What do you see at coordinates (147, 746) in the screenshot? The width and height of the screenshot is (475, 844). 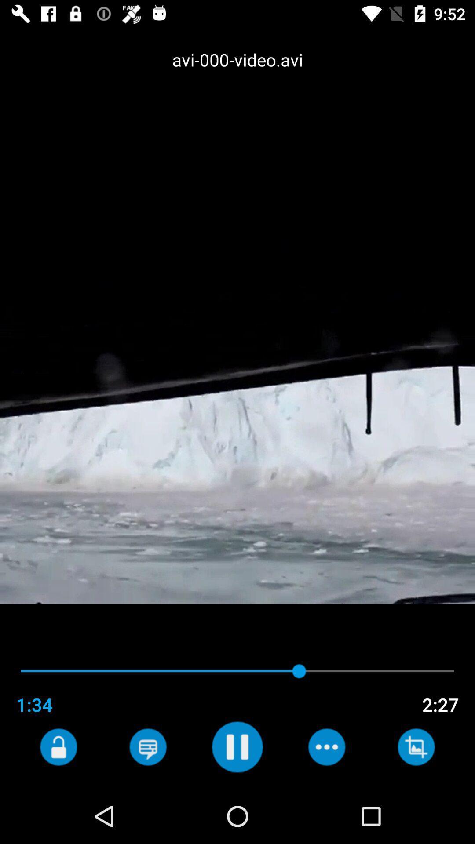 I see `pass the button` at bounding box center [147, 746].